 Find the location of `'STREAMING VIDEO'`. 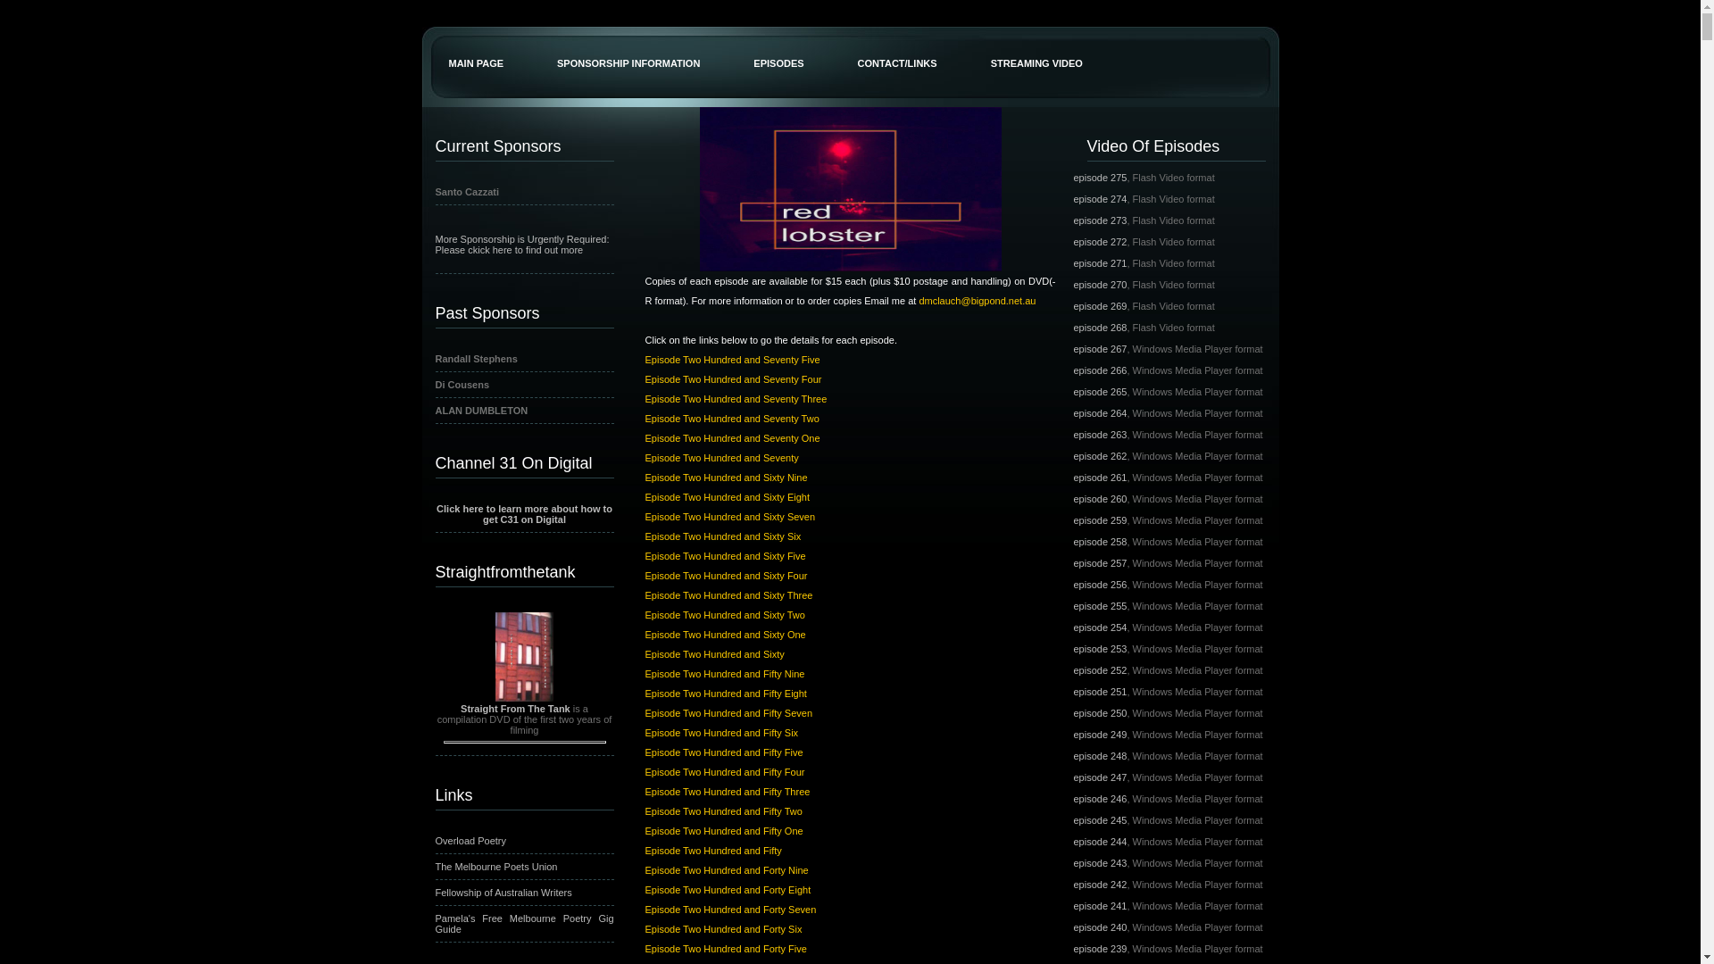

'STREAMING VIDEO' is located at coordinates (1036, 44).